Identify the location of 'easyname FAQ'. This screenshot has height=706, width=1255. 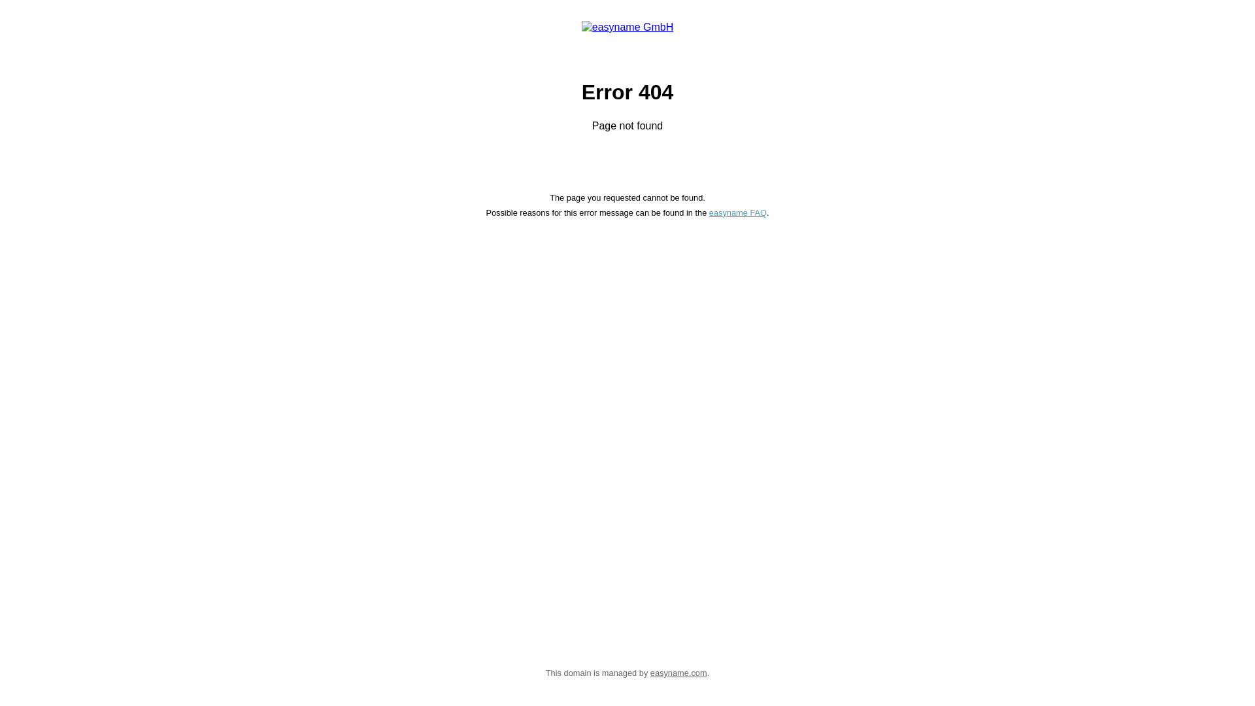
(737, 212).